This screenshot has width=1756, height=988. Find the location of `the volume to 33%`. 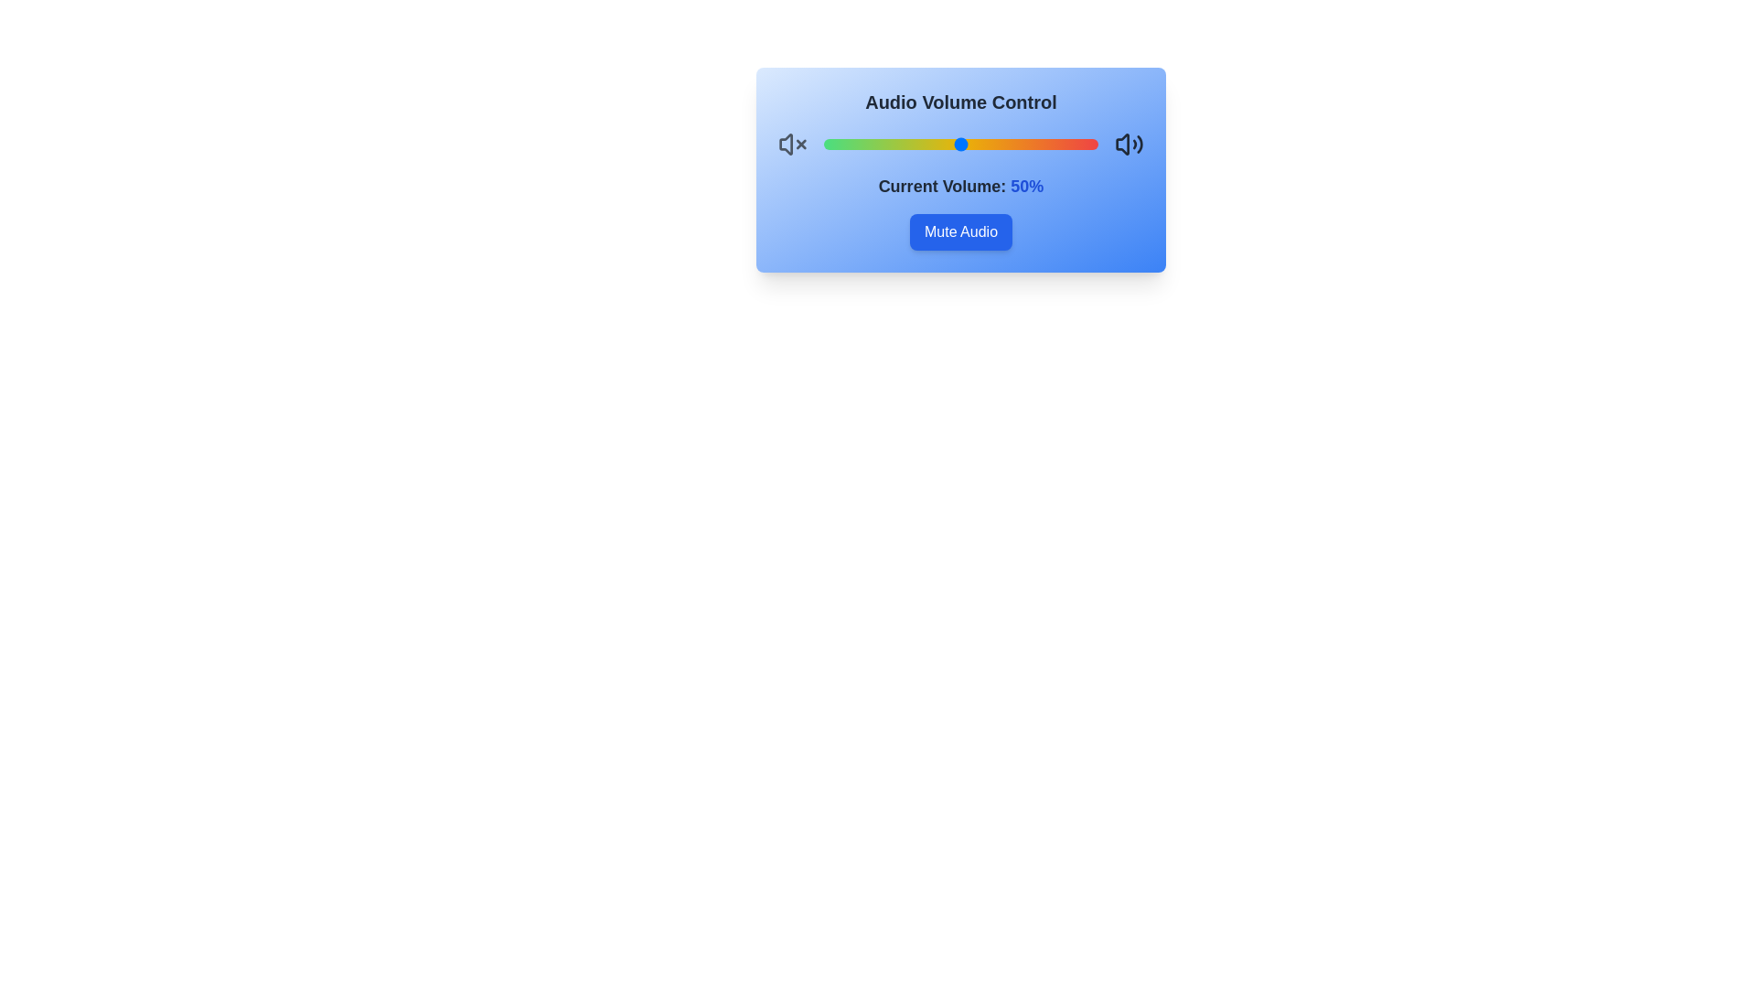

the volume to 33% is located at coordinates (914, 144).